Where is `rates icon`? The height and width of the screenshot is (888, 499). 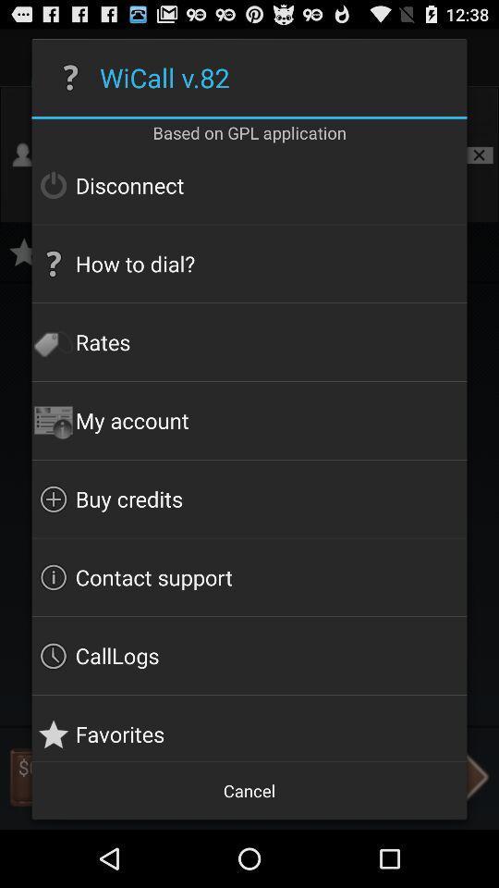 rates icon is located at coordinates (249, 341).